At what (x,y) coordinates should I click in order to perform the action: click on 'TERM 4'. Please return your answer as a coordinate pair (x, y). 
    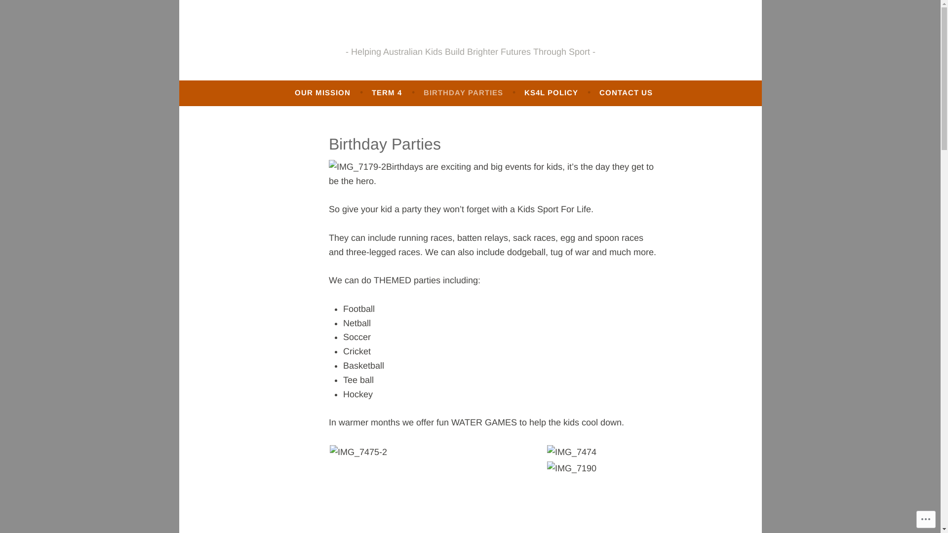
    Looking at the image, I should click on (386, 93).